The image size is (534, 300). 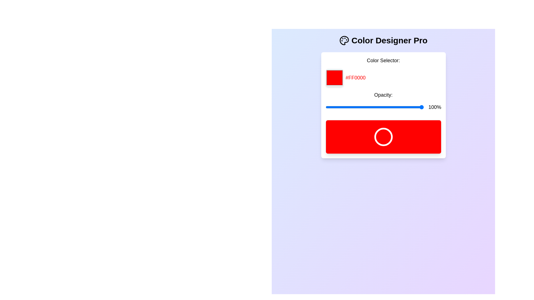 I want to click on the Decorative icon located at the top of the interface within the 'Color Designer Pro' logo area, so click(x=344, y=40).